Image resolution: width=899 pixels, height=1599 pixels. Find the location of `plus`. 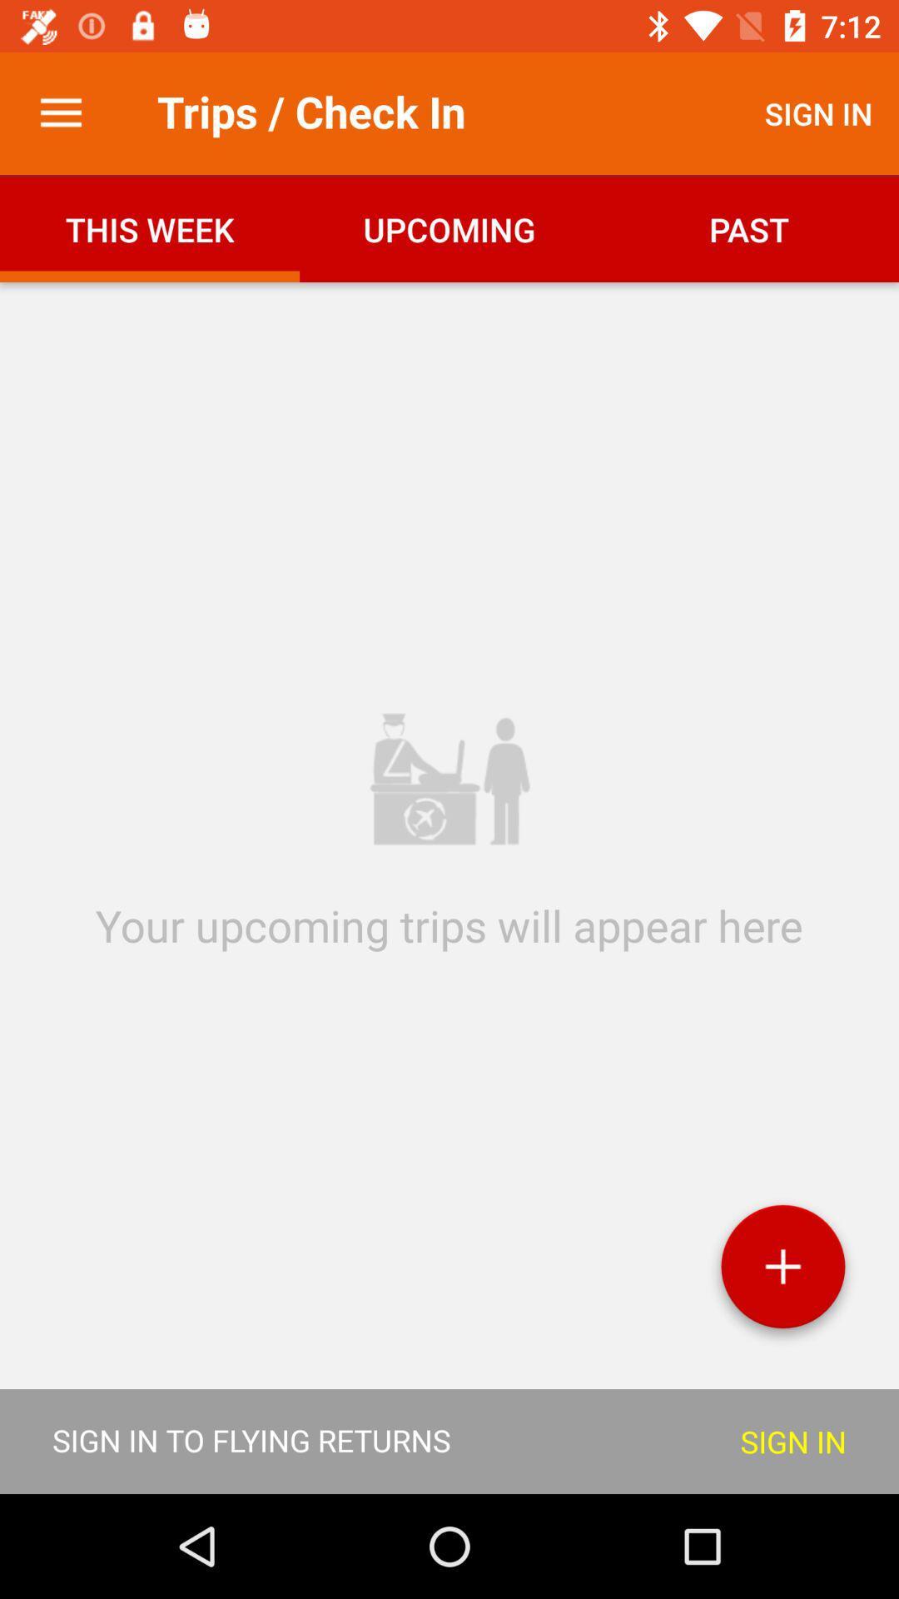

plus is located at coordinates (782, 1272).